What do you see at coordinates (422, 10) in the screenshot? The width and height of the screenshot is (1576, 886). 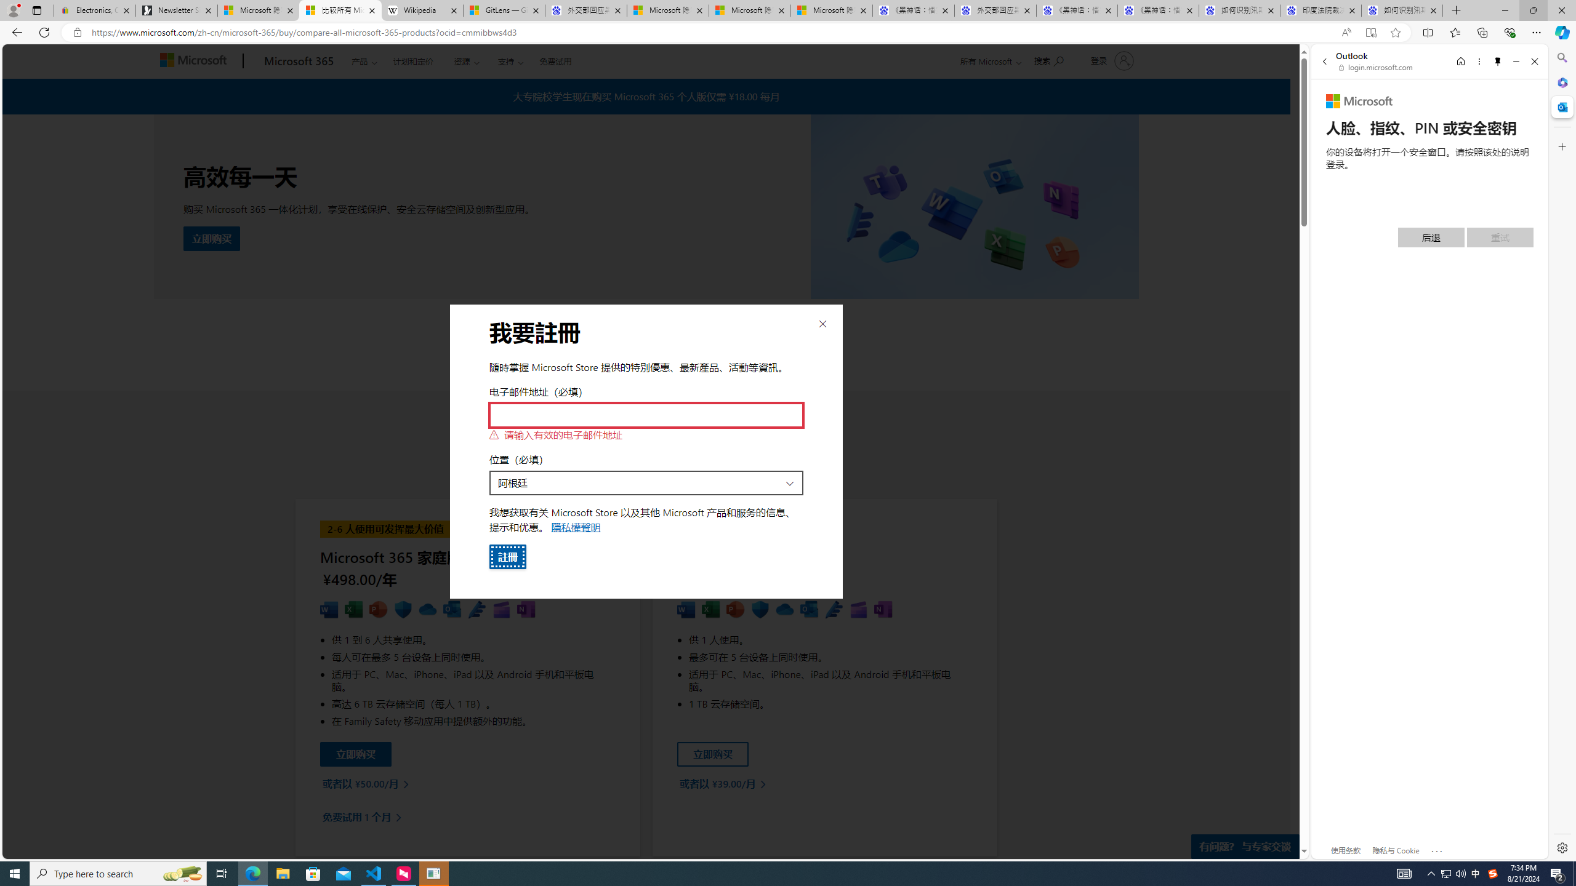 I see `'Wikipedia'` at bounding box center [422, 10].